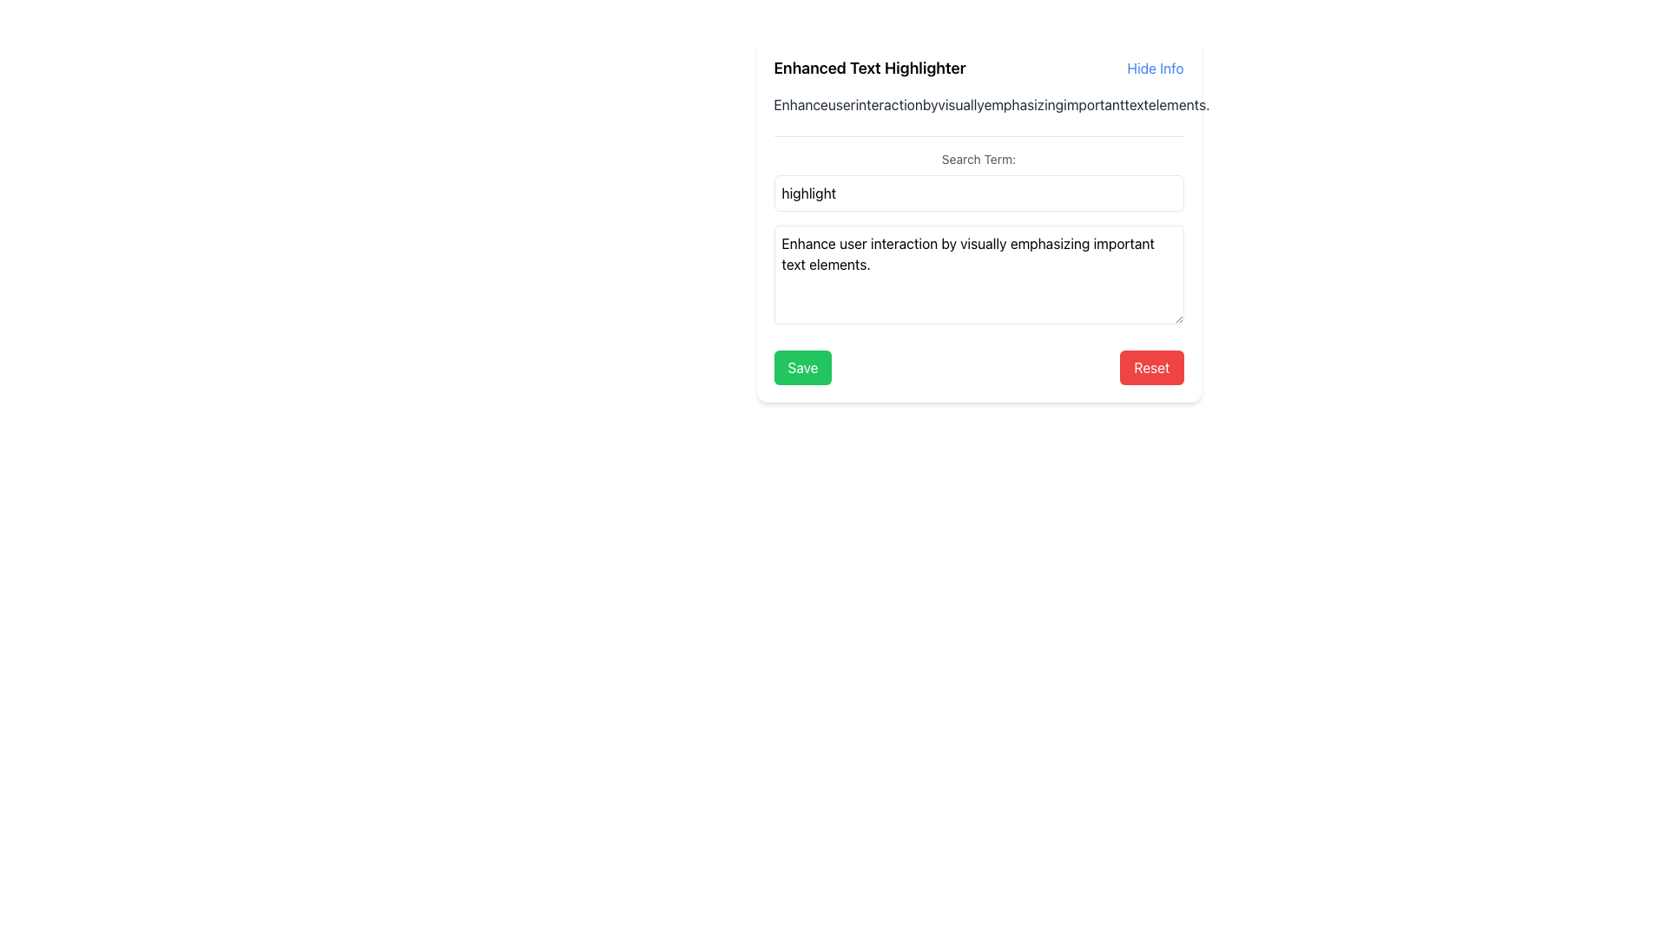  Describe the element at coordinates (978, 104) in the screenshot. I see `the dark gray text element styled as a continuous sentence, located beneath the 'Enhanced Text Highlighter' header and above the 'Search Term:' section` at that location.